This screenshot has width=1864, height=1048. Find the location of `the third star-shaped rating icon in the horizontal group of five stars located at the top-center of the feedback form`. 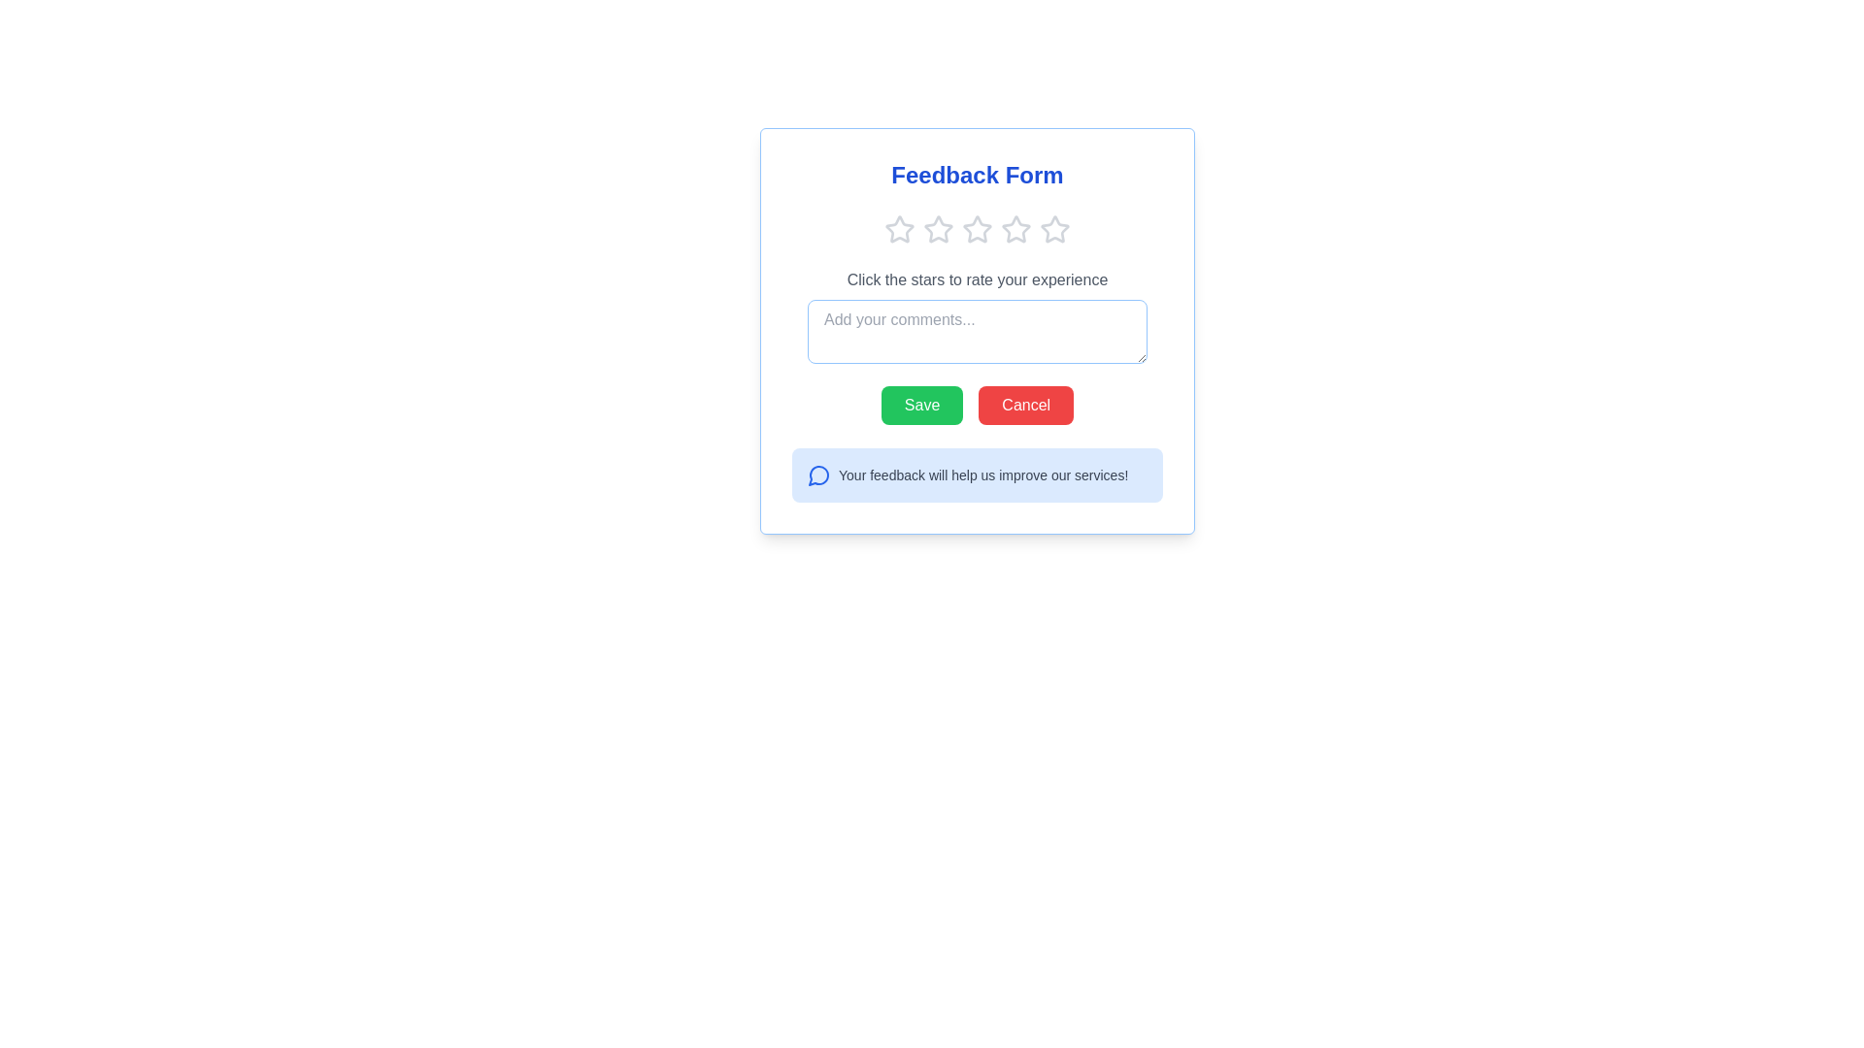

the third star-shaped rating icon in the horizontal group of five stars located at the top-center of the feedback form is located at coordinates (1015, 228).